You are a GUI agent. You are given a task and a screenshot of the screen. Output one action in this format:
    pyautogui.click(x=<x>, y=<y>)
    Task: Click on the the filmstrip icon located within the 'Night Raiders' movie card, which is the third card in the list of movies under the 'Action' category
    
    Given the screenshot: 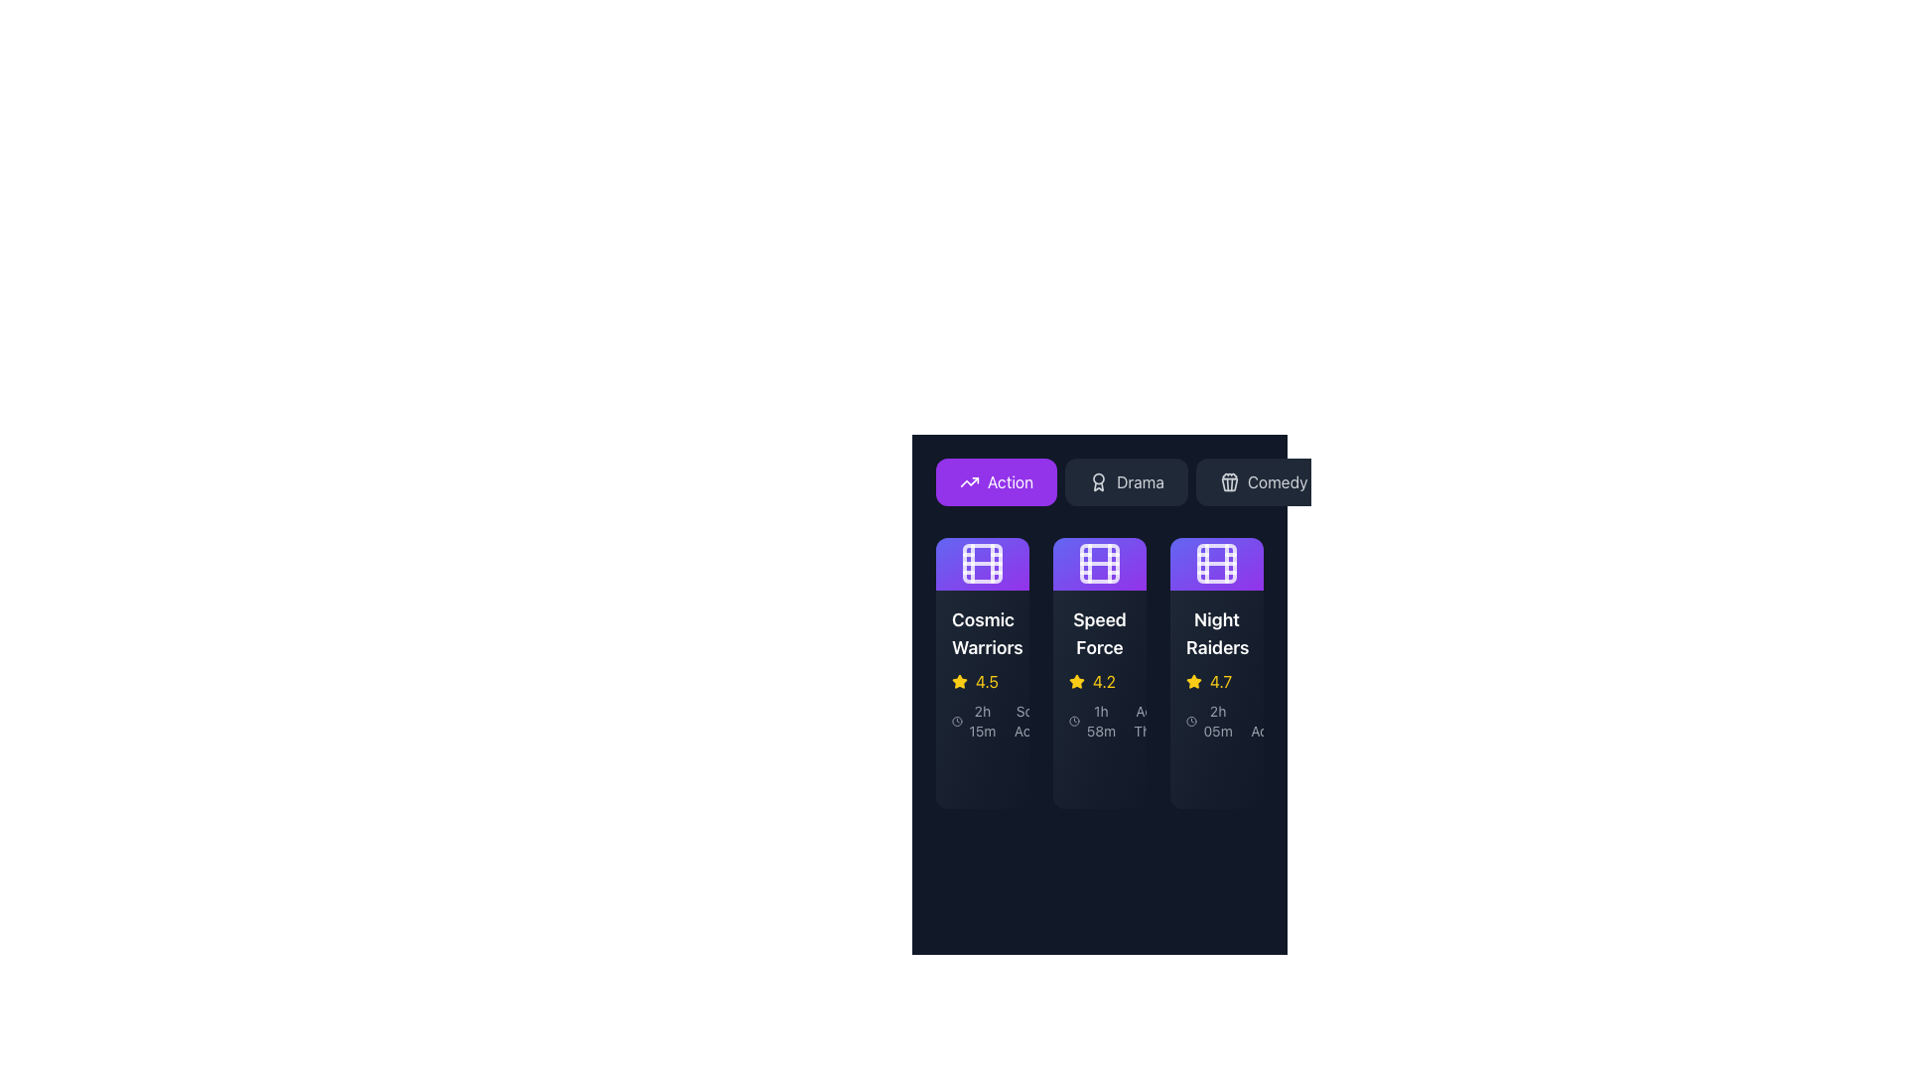 What is the action you would take?
    pyautogui.click(x=1215, y=563)
    